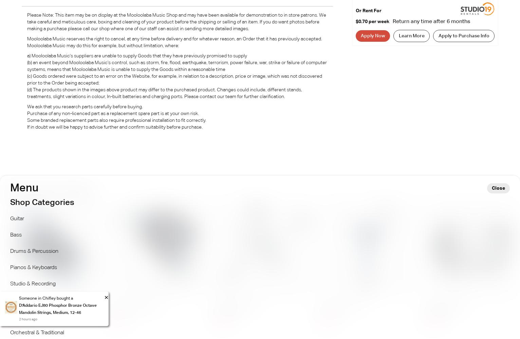  I want to click on 'Mooloolaba Music reserves the right to cancel, at any time before delivery and for whatever reason, an Order that it has previously accepted. Mooloolaba Music may do this for example, but without limitation, where:', so click(27, 42).